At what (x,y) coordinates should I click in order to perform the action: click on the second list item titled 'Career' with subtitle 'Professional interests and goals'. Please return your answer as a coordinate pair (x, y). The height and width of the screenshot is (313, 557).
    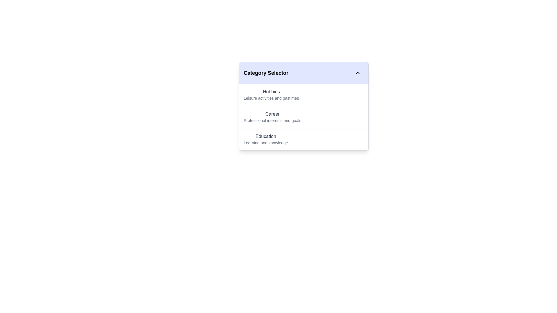
    Looking at the image, I should click on (303, 117).